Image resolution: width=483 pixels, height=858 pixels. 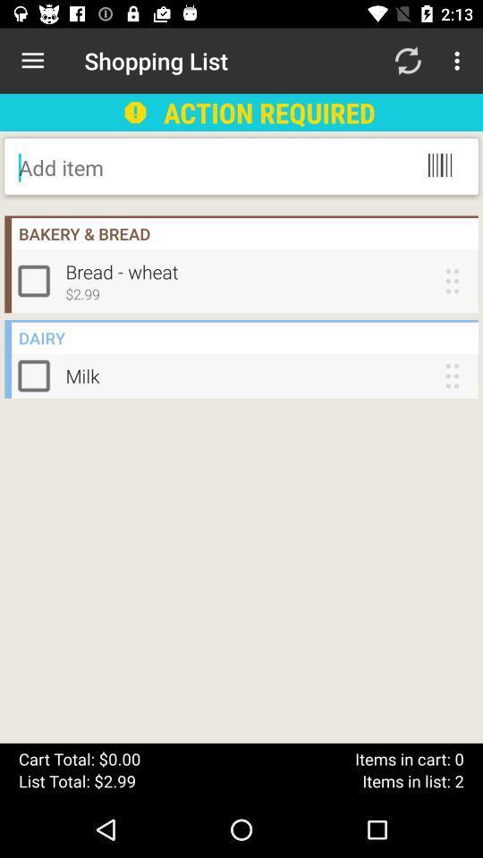 What do you see at coordinates (407, 61) in the screenshot?
I see `item next to action required item` at bounding box center [407, 61].